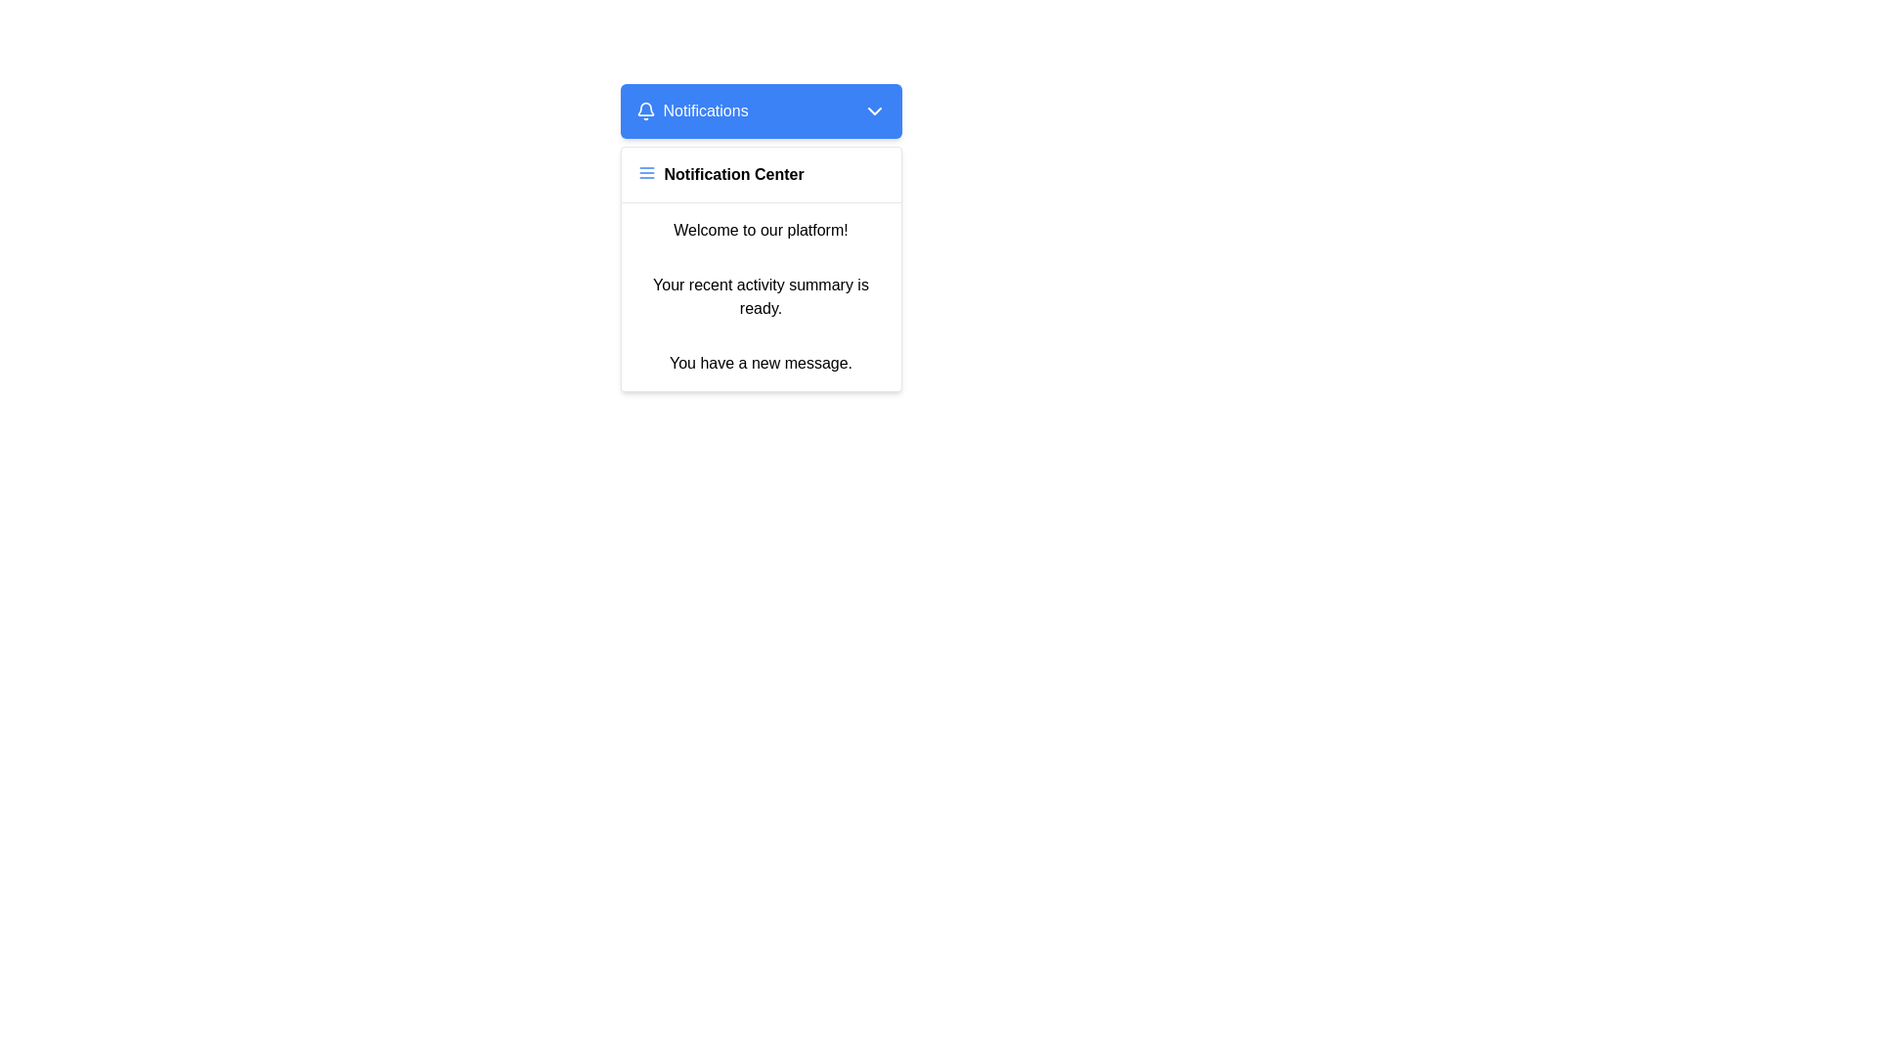 This screenshot has height=1056, width=1877. What do you see at coordinates (760, 297) in the screenshot?
I see `the Text block element displaying 'Your recent activity summary is ready.' located under the 'Notification Center' header` at bounding box center [760, 297].